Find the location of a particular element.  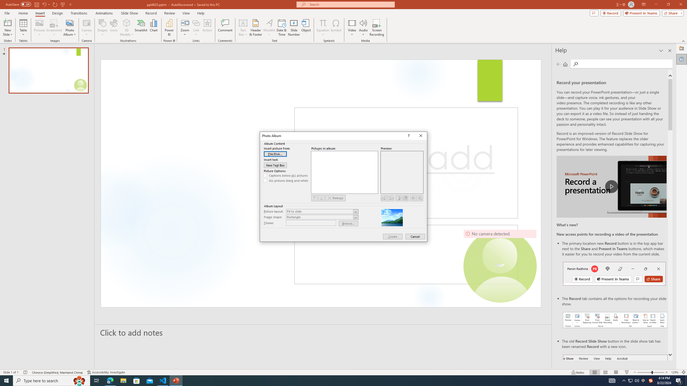

'WordArt' is located at coordinates (269, 28).